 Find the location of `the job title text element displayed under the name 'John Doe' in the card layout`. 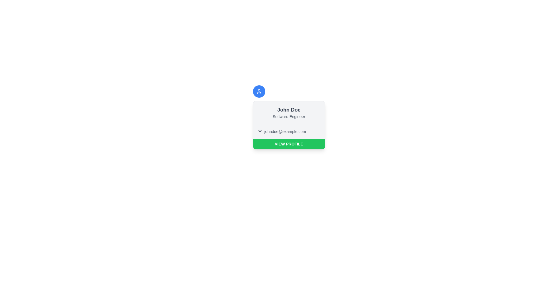

the job title text element displayed under the name 'John Doe' in the card layout is located at coordinates (289, 116).